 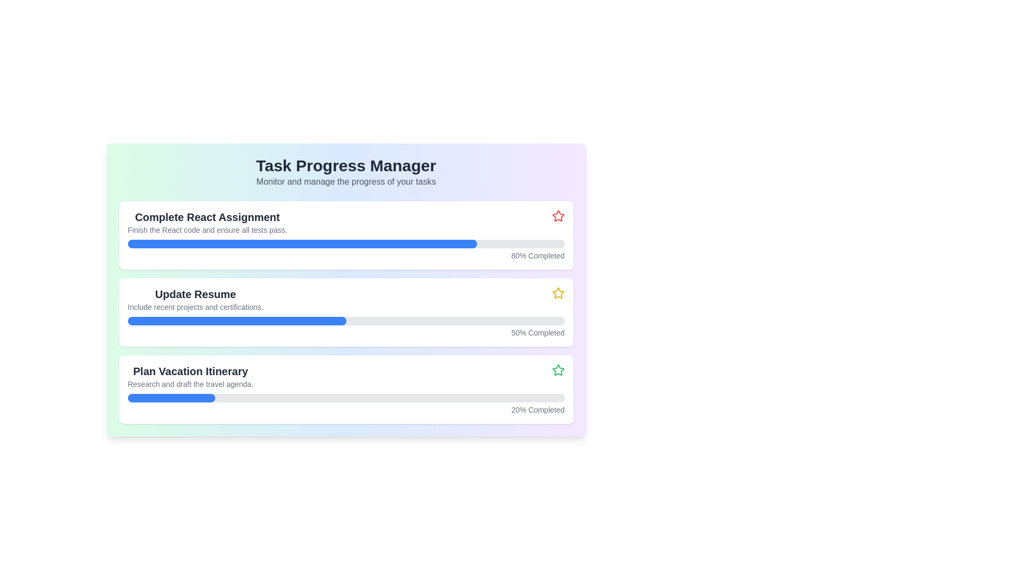 I want to click on the Task progress panel displaying 'Complete React Assignment' with an 80% completion status, so click(x=346, y=234).